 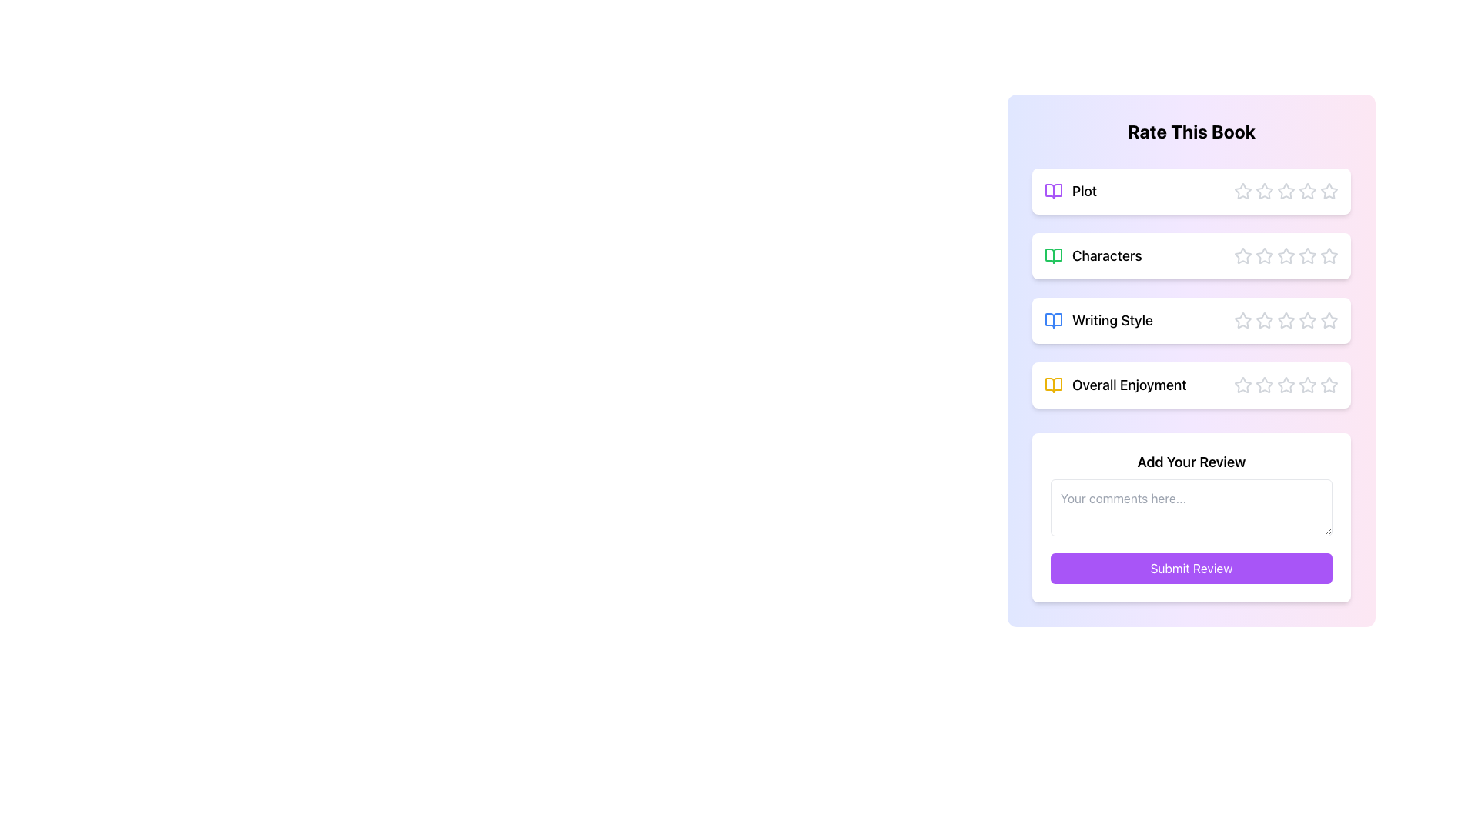 I want to click on the fourth star icon in the 'Characters' rating section, so click(x=1286, y=255).